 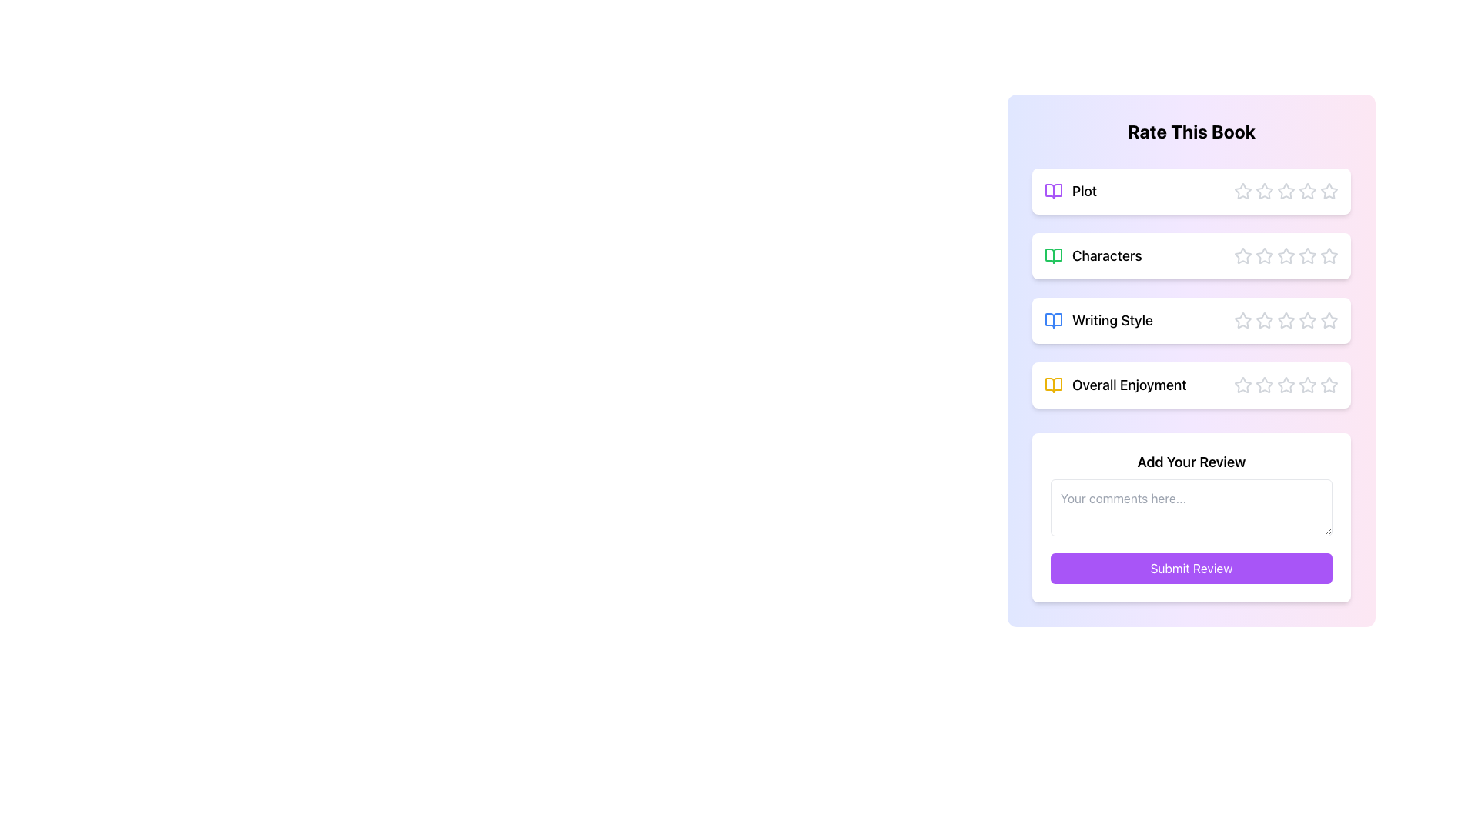 I want to click on the fourth star icon in the 'Characters' rating section, so click(x=1286, y=255).